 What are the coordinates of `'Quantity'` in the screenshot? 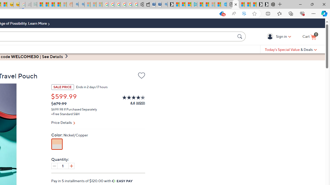 It's located at (62, 166).